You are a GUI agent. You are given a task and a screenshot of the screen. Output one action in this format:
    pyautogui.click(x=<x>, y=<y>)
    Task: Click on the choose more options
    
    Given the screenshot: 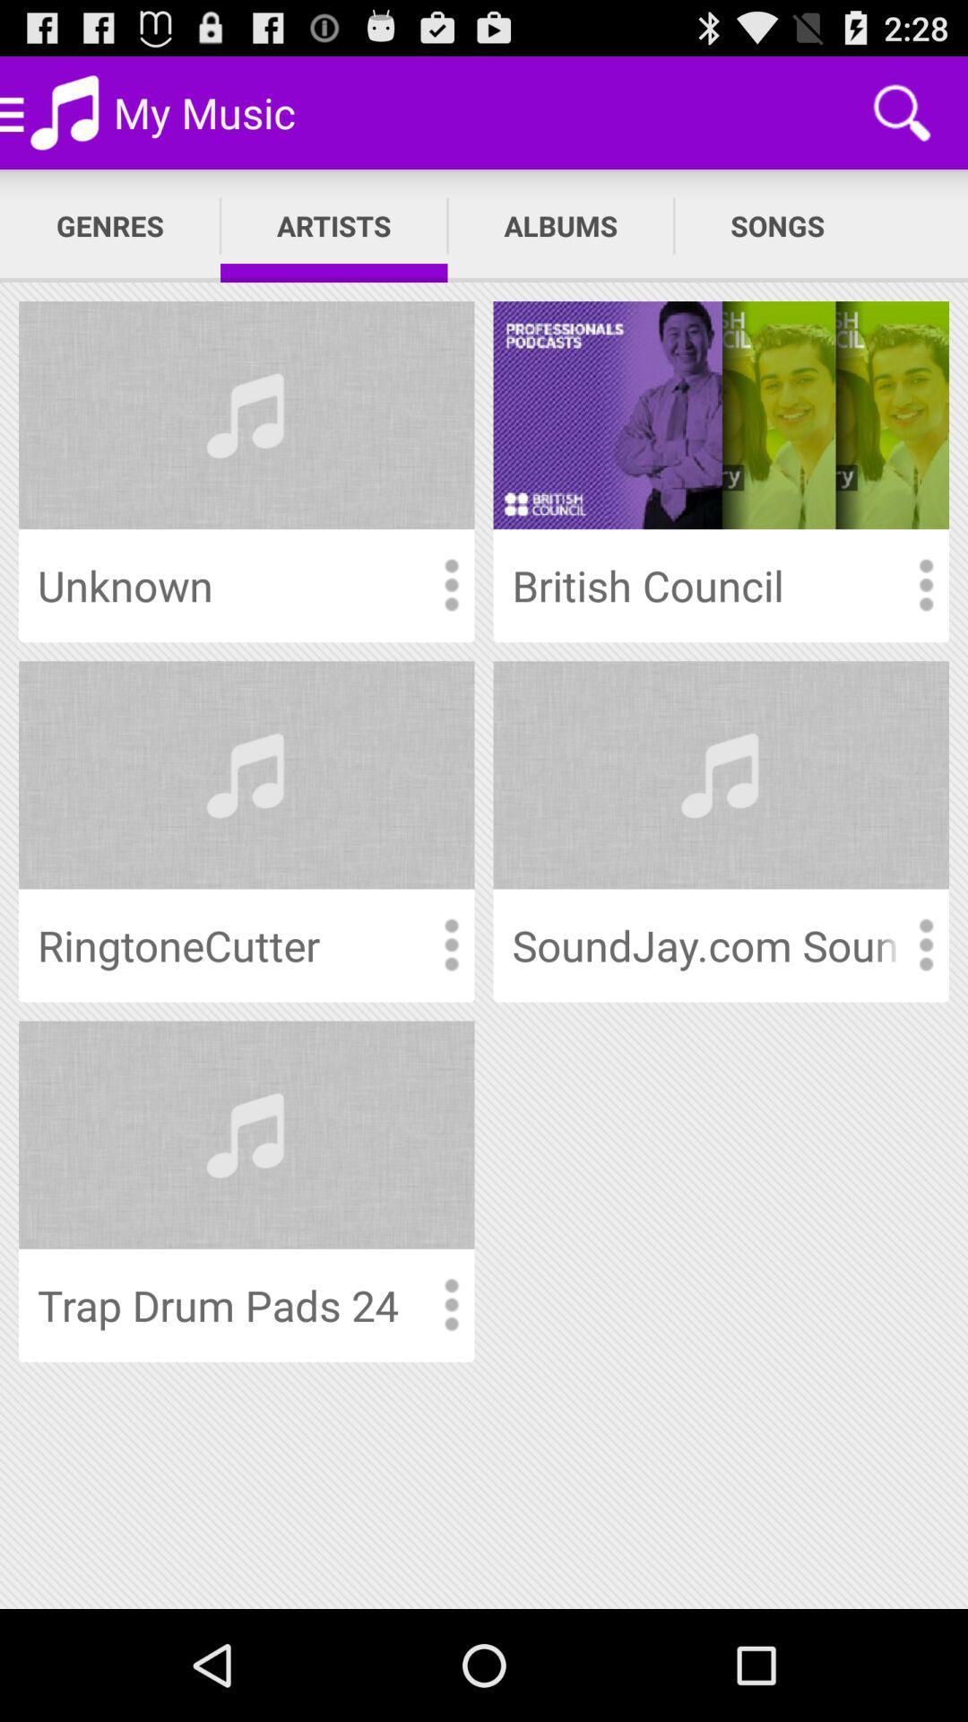 What is the action you would take?
    pyautogui.click(x=450, y=944)
    